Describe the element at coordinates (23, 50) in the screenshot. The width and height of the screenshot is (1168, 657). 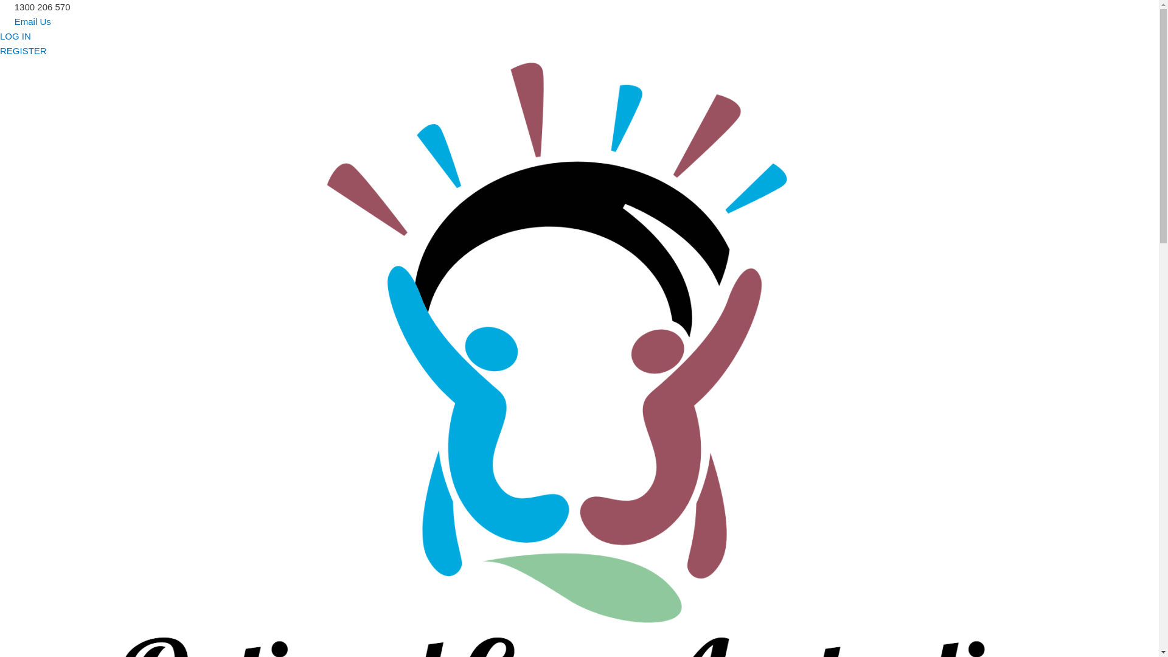
I see `'REGISTER'` at that location.